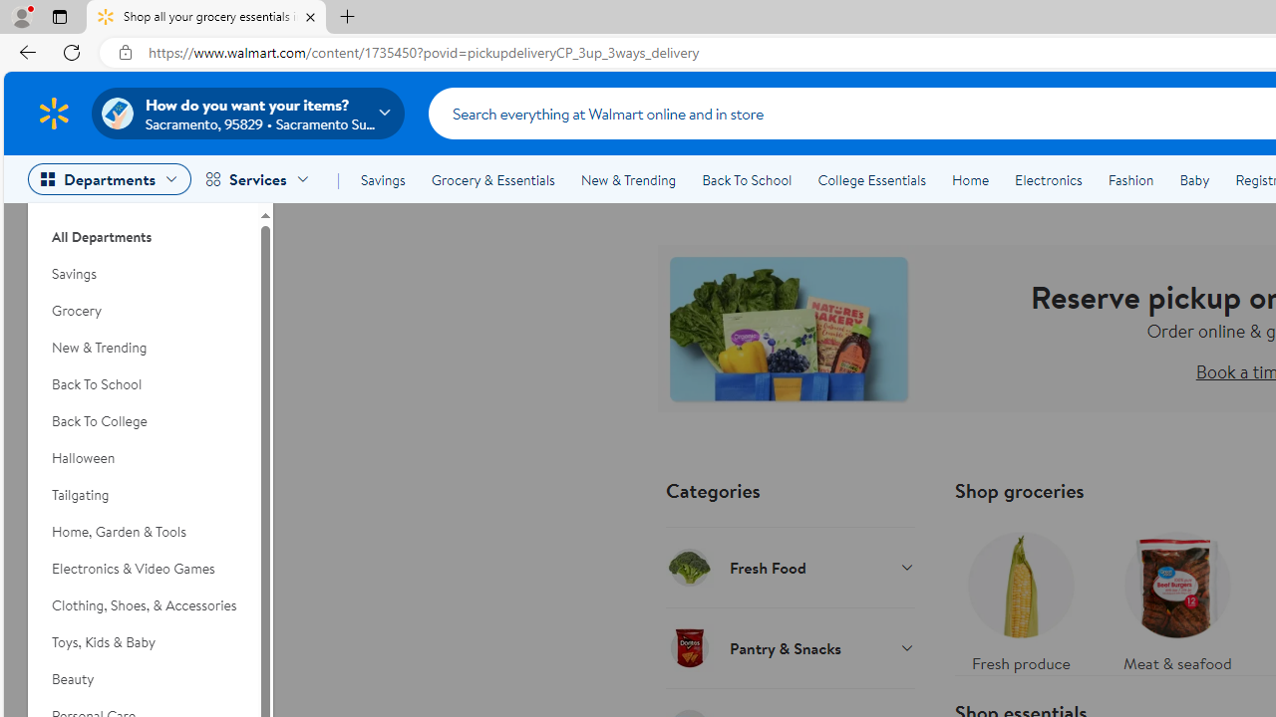  What do you see at coordinates (206, 17) in the screenshot?
I see `'Shop all your grocery essentials in one place! - Walmart.com'` at bounding box center [206, 17].